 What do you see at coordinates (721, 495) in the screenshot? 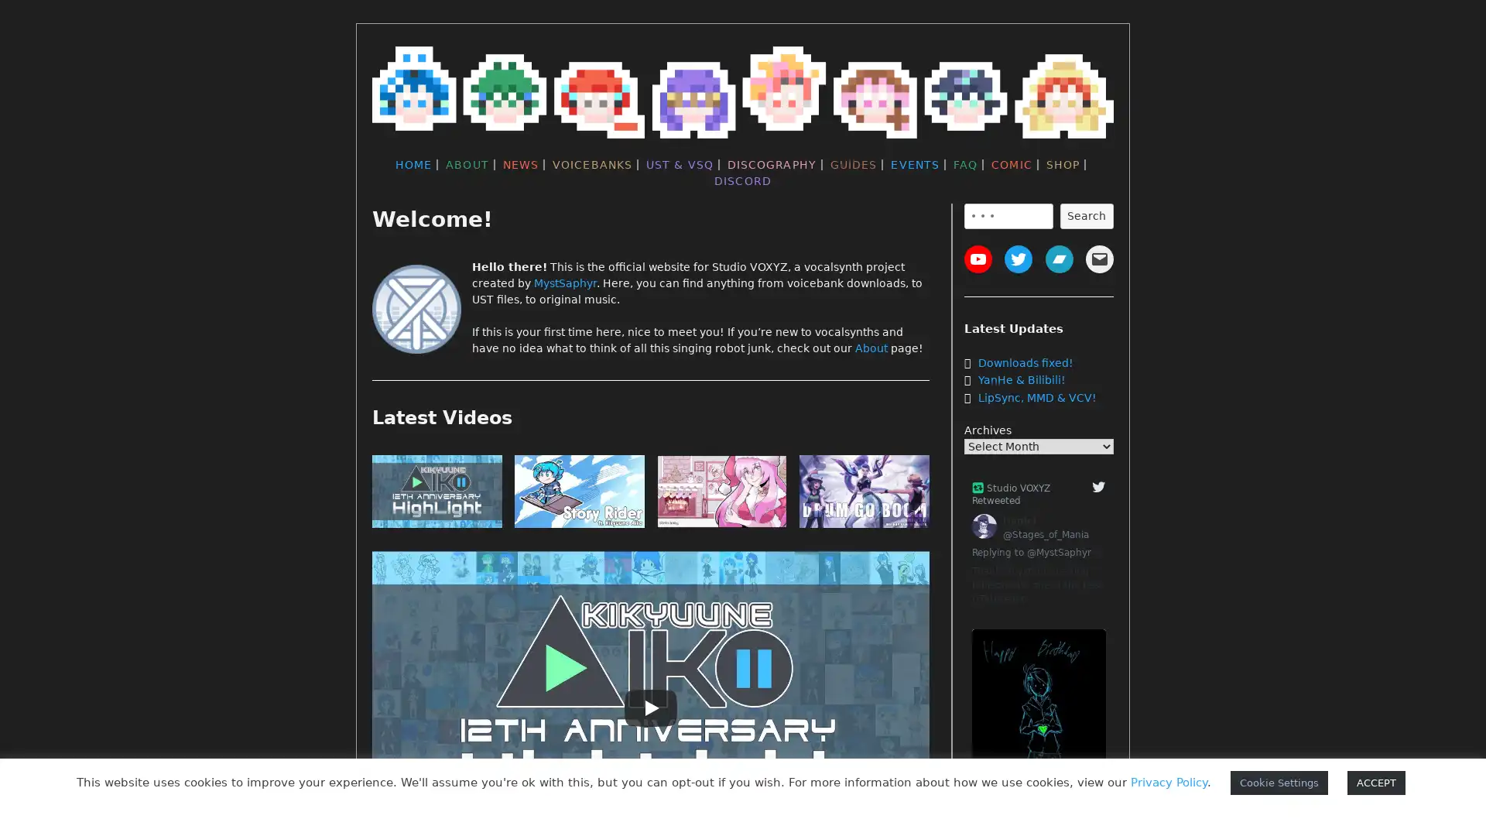
I see `play` at bounding box center [721, 495].